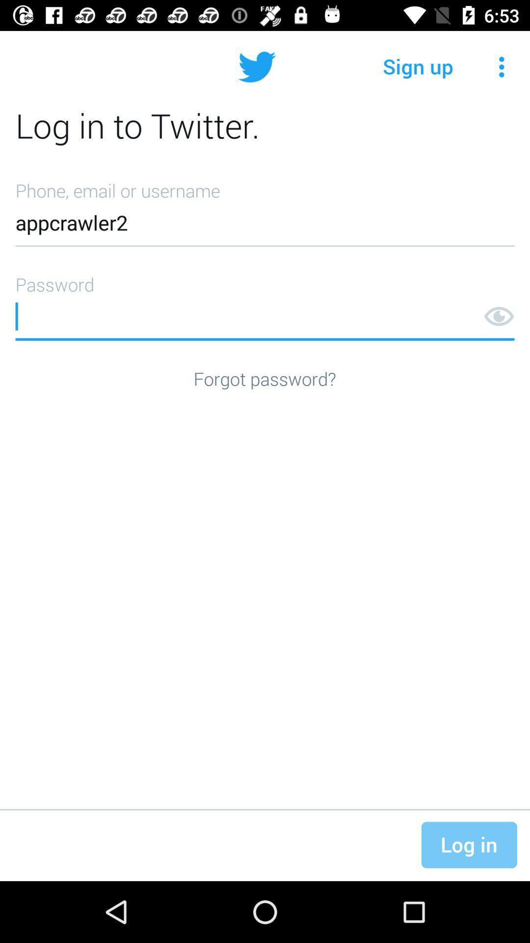  What do you see at coordinates (265, 209) in the screenshot?
I see `the item below log in to item` at bounding box center [265, 209].